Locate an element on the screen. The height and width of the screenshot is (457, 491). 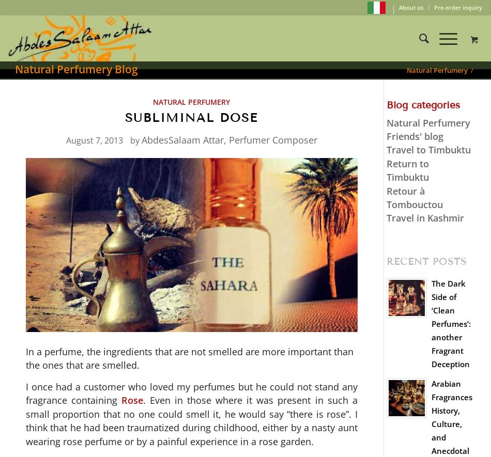
'Recent Posts' is located at coordinates (425, 261).